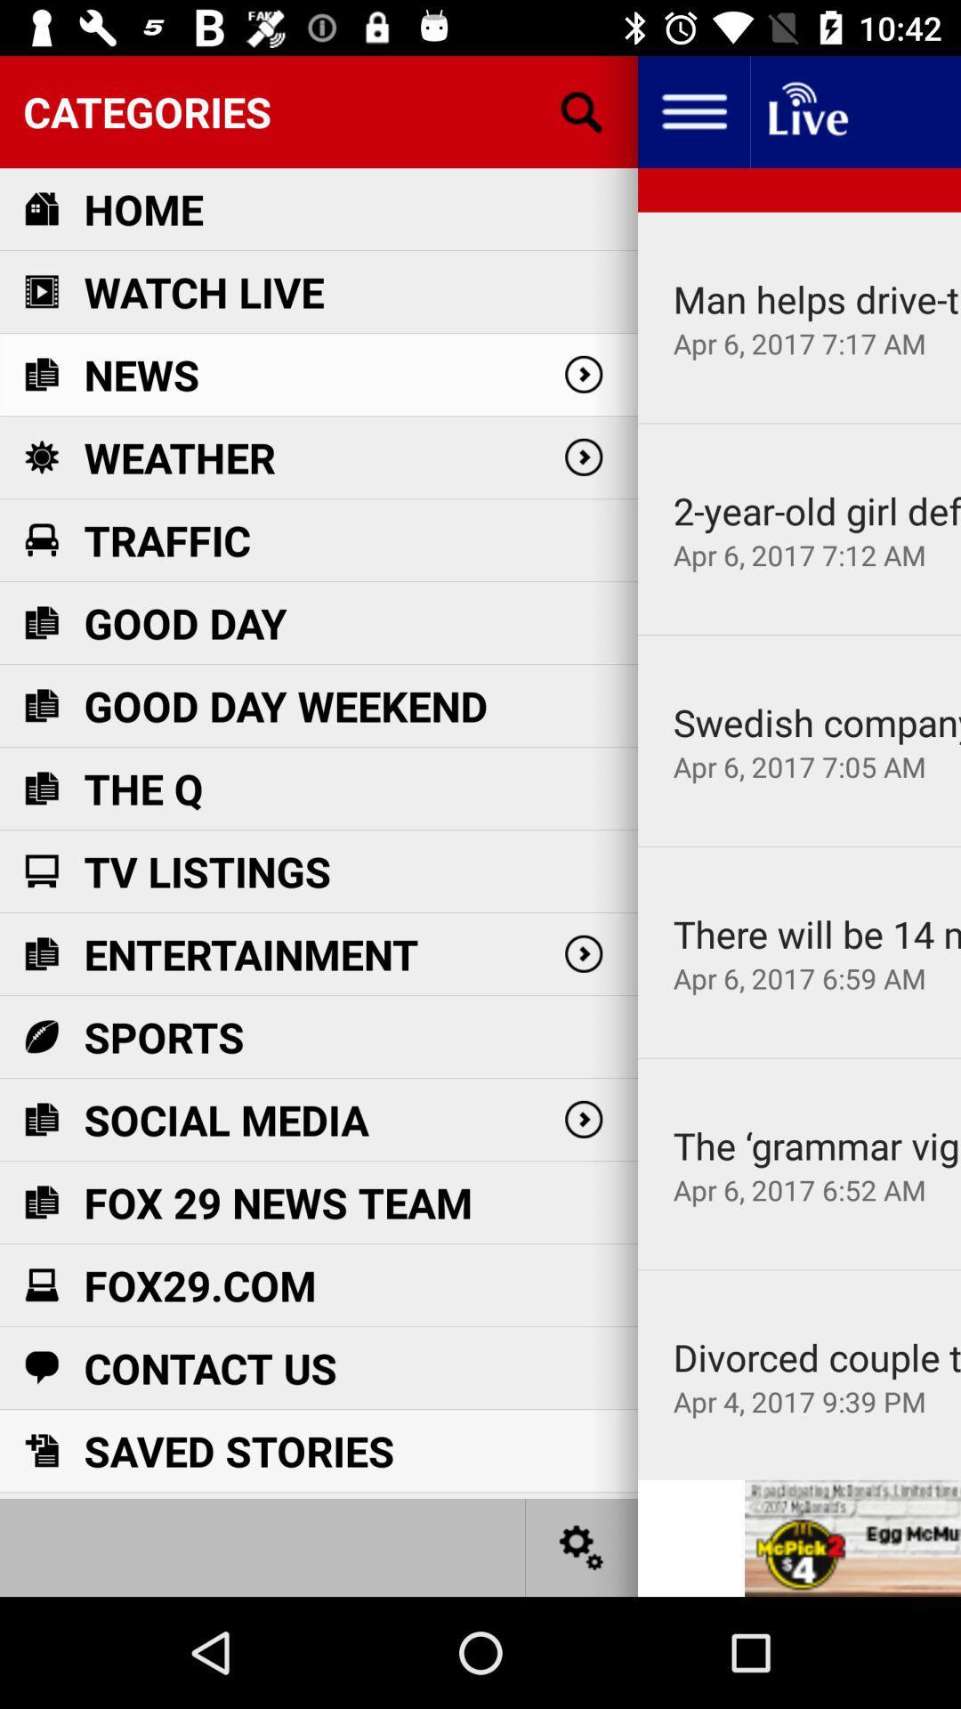  What do you see at coordinates (582, 1546) in the screenshot?
I see `button image` at bounding box center [582, 1546].